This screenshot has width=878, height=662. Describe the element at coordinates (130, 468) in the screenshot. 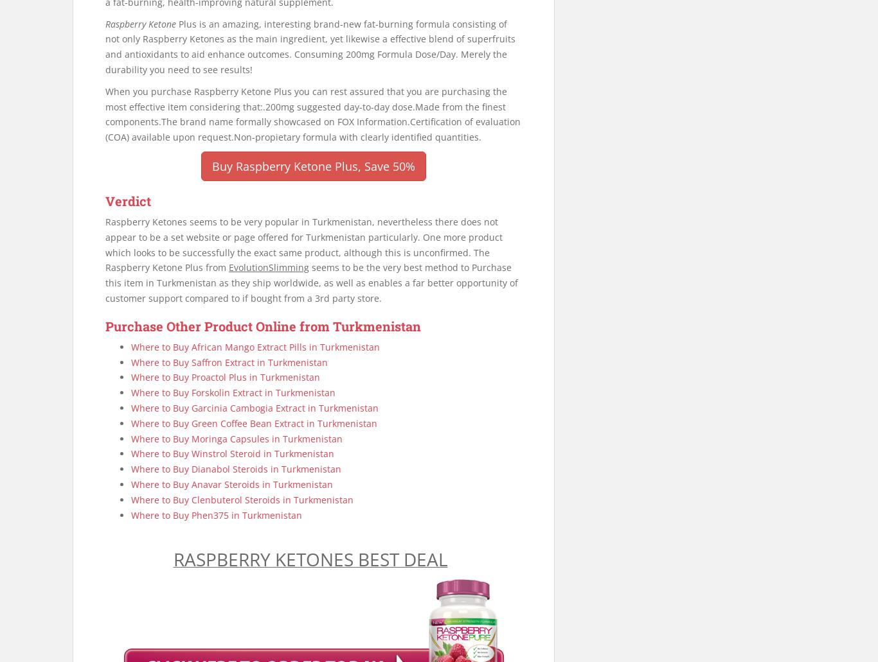

I see `'Where to Buy Dianabol Steroids in Turkmenistan'` at that location.